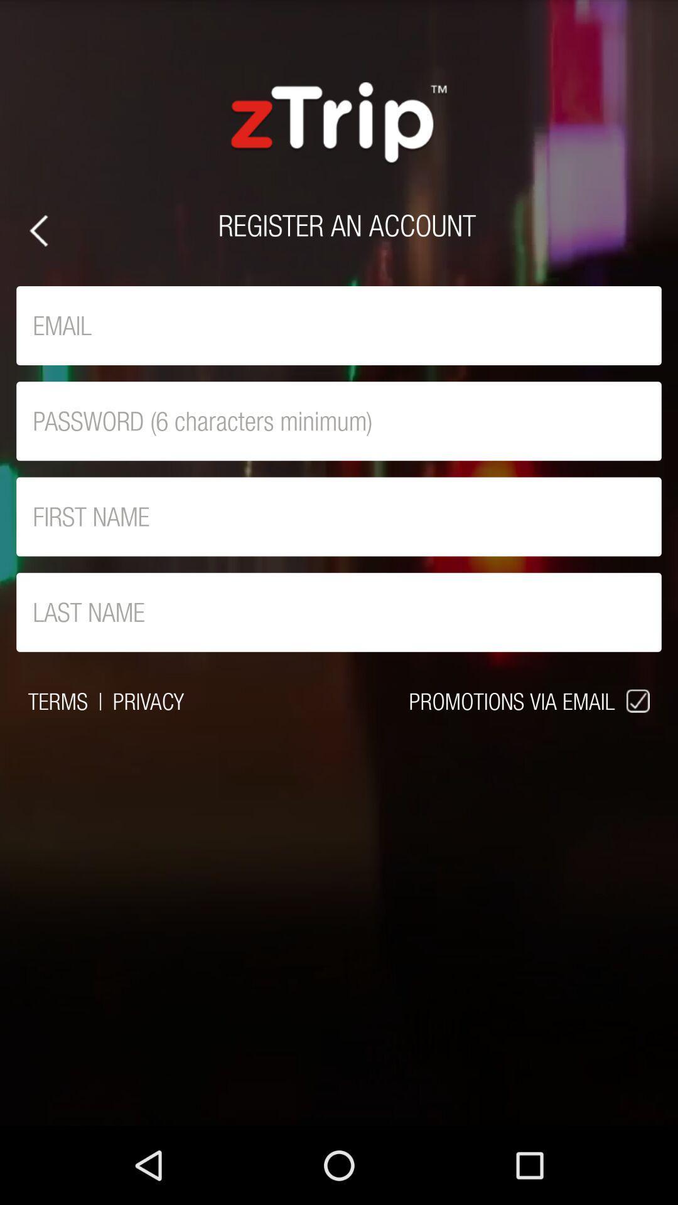 This screenshot has height=1205, width=678. What do you see at coordinates (58, 700) in the screenshot?
I see `the item to the left of |` at bounding box center [58, 700].